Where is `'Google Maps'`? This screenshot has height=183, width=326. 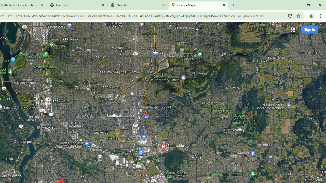
'Google Maps' is located at coordinates (198, 5).